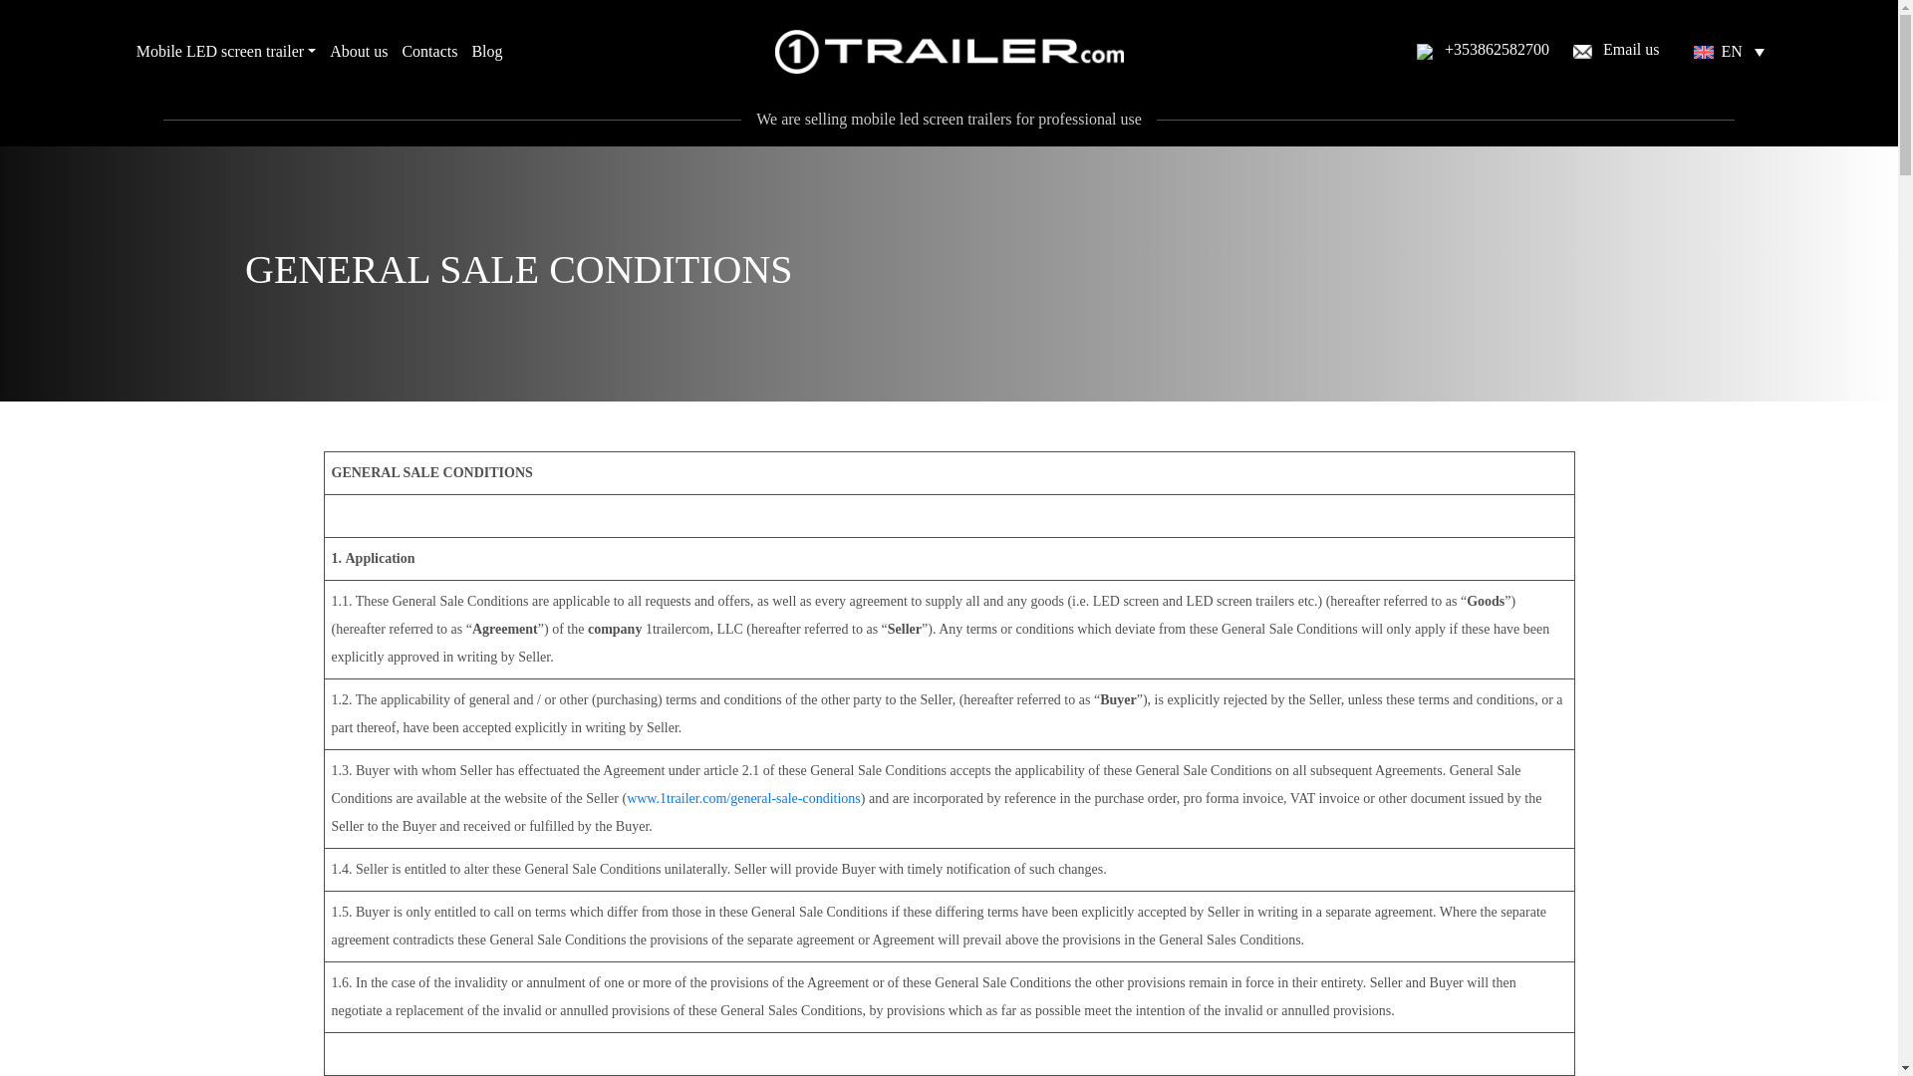  I want to click on 'Contacts', so click(428, 50).